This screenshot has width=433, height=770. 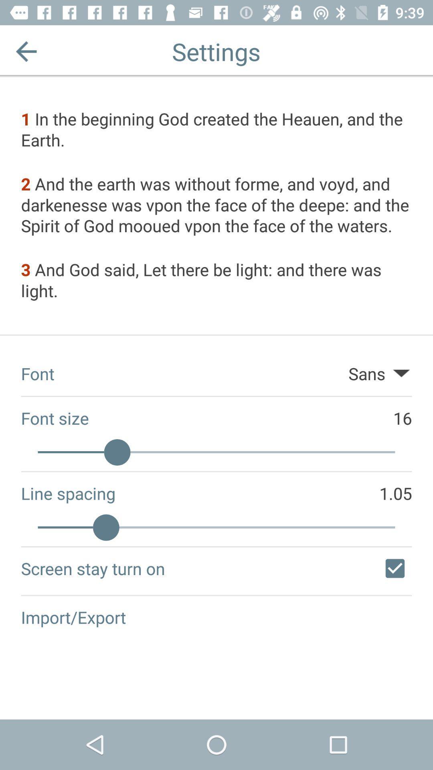 I want to click on checkbox at the bottom right corner, so click(x=395, y=568).